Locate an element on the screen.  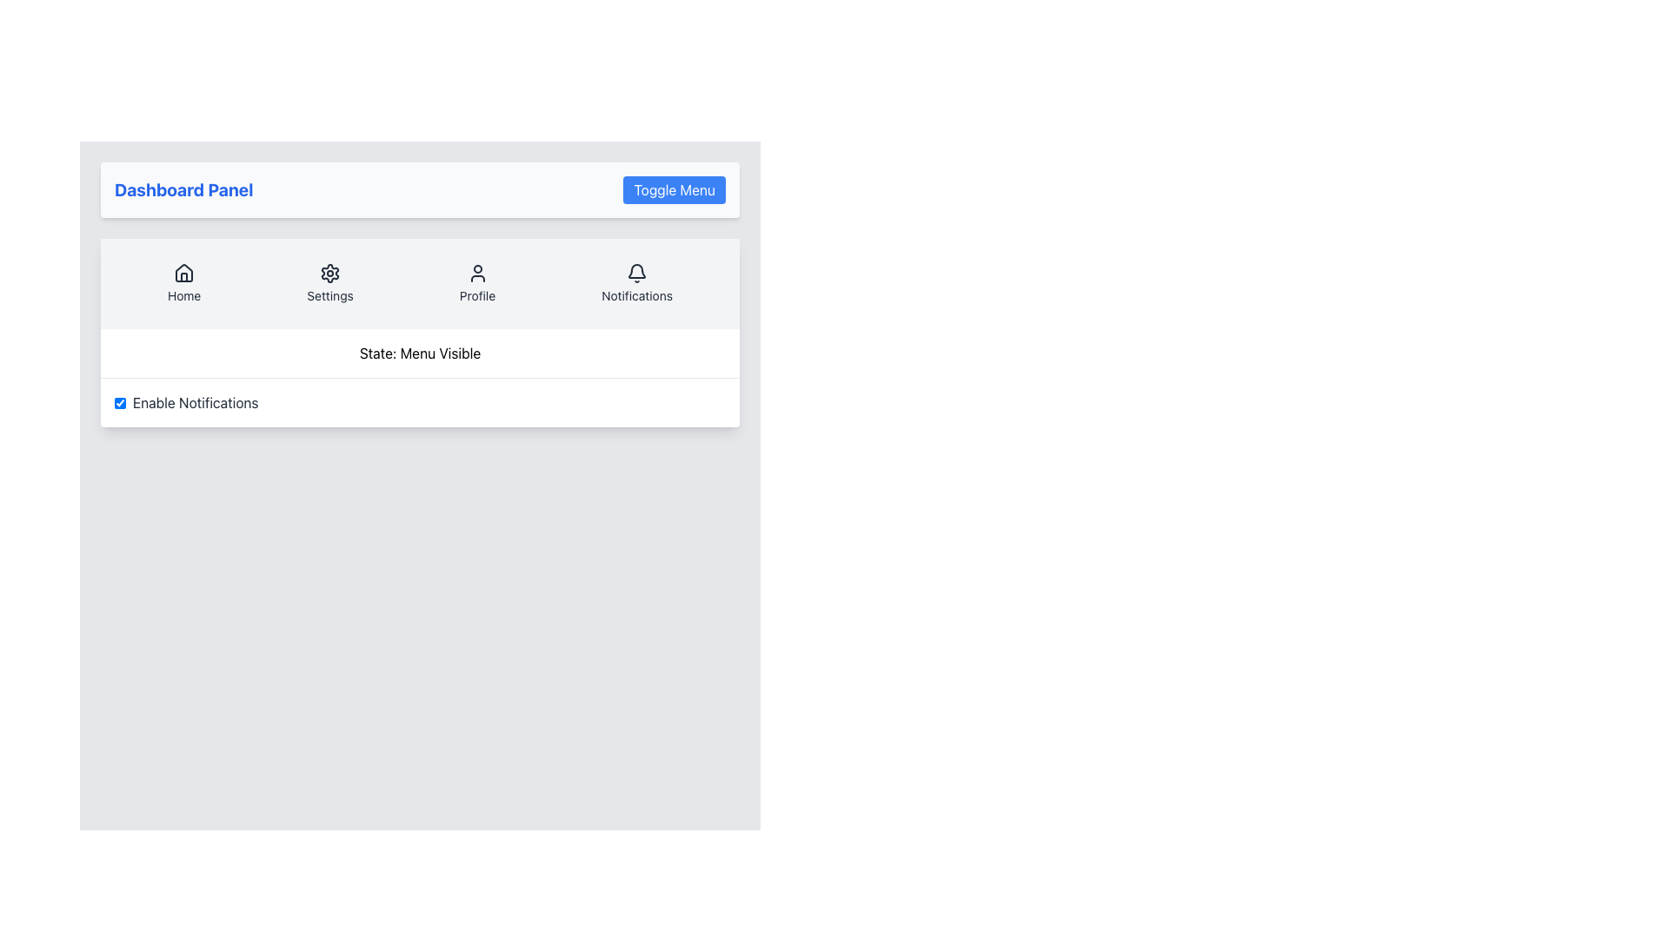
the 'Profile' navigation menu item, which features a user silhouette icon above the text label 'Profile' is located at coordinates (477, 283).